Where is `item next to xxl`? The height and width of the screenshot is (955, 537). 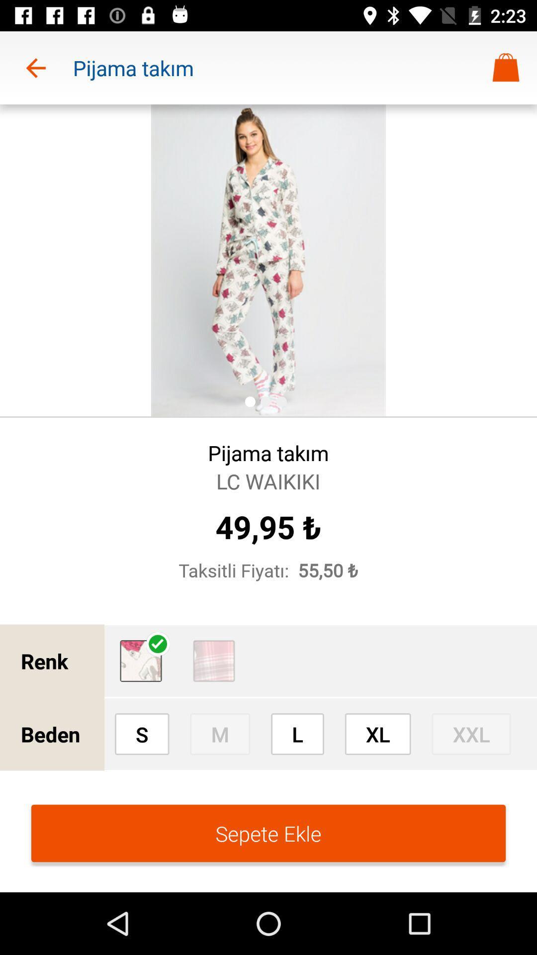 item next to xxl is located at coordinates (378, 734).